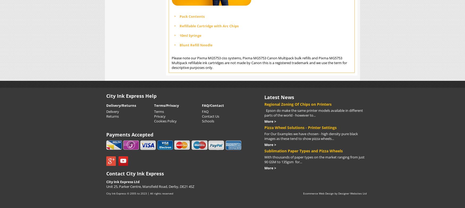 Image resolution: width=465 pixels, height=208 pixels. Describe the element at coordinates (210, 116) in the screenshot. I see `'Contact Us'` at that location.